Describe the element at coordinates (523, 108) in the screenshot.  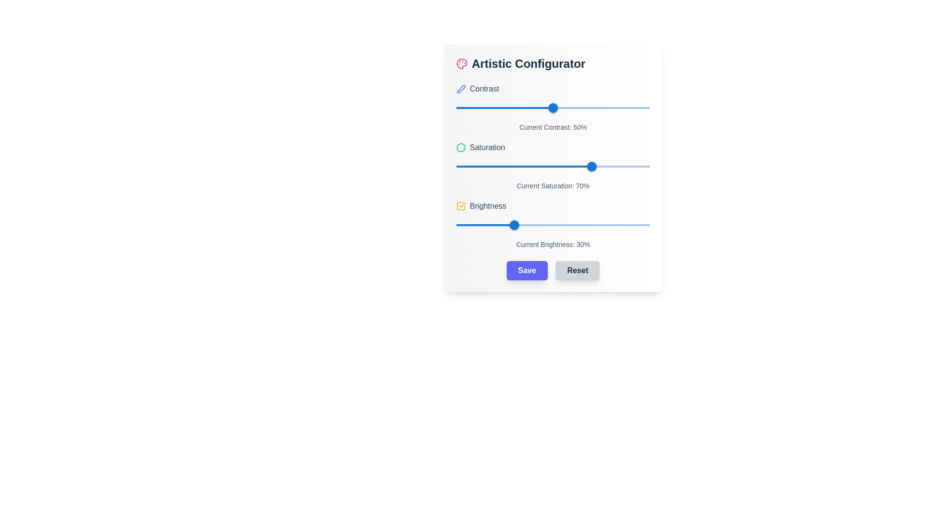
I see `the contrast level` at that location.